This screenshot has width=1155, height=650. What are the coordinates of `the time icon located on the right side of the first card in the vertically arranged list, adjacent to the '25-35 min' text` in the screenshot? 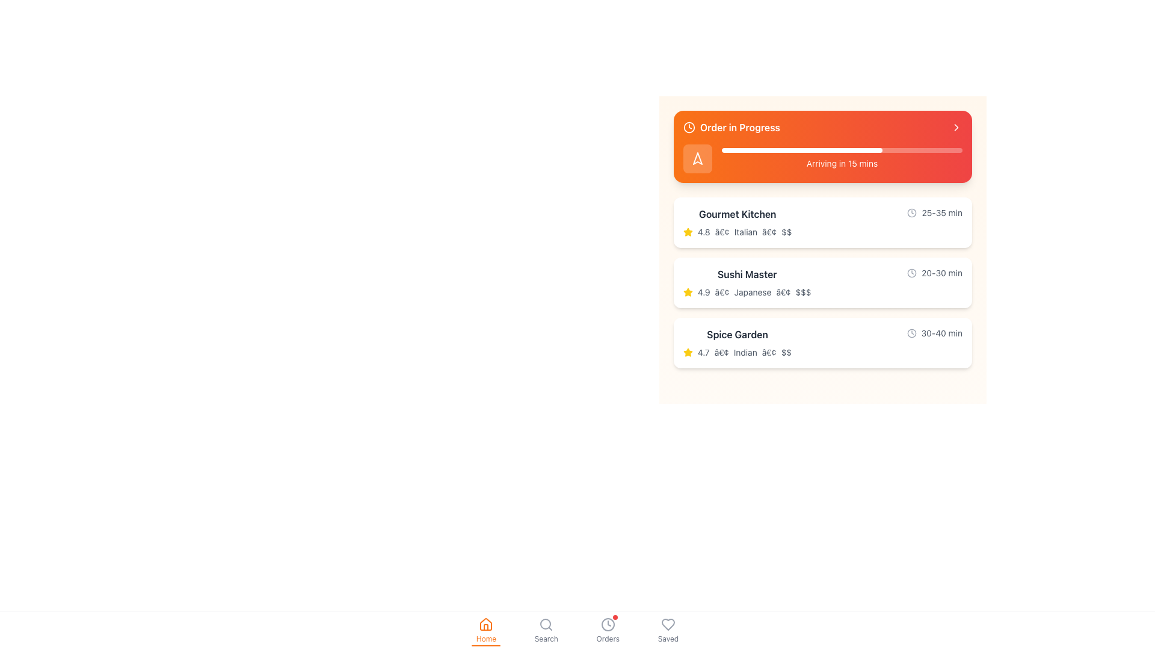 It's located at (912, 212).